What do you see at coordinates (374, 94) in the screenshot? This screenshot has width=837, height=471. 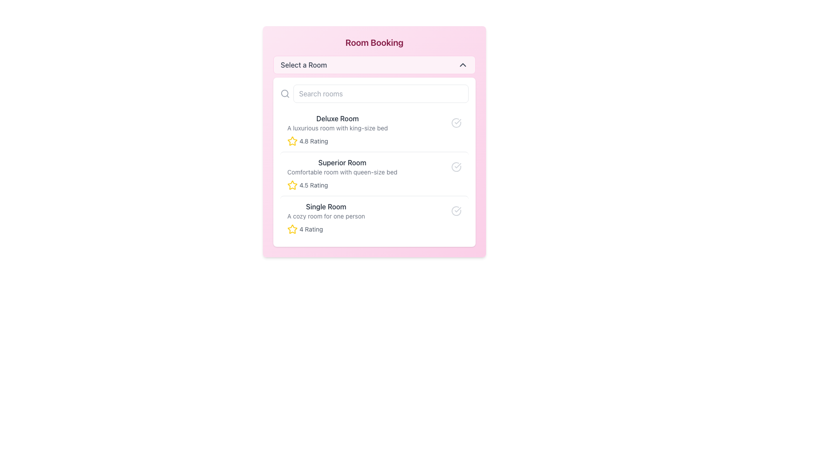 I see `the search input field located at the top of the room options card interface to focus the input` at bounding box center [374, 94].